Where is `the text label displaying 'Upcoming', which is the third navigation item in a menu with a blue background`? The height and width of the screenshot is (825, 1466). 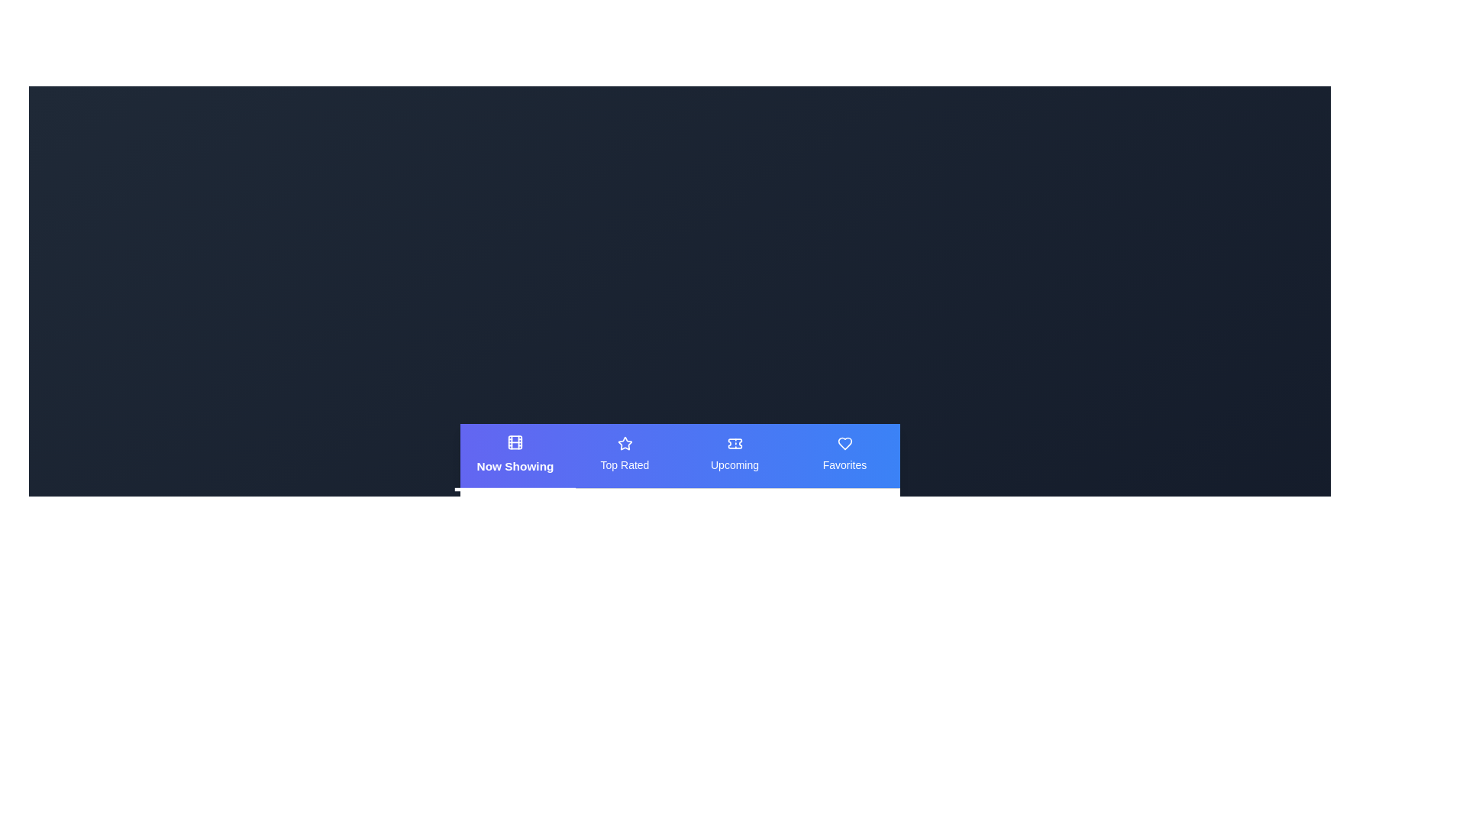
the text label displaying 'Upcoming', which is the third navigation item in a menu with a blue background is located at coordinates (735, 464).